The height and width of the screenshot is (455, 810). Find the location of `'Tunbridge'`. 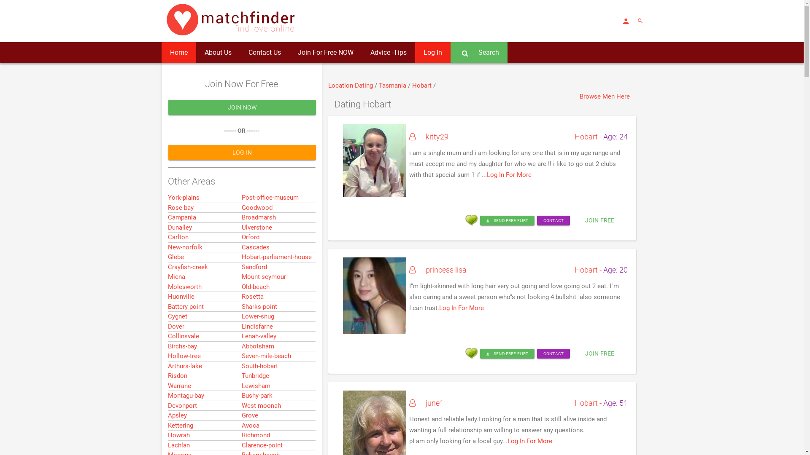

'Tunbridge' is located at coordinates (254, 375).